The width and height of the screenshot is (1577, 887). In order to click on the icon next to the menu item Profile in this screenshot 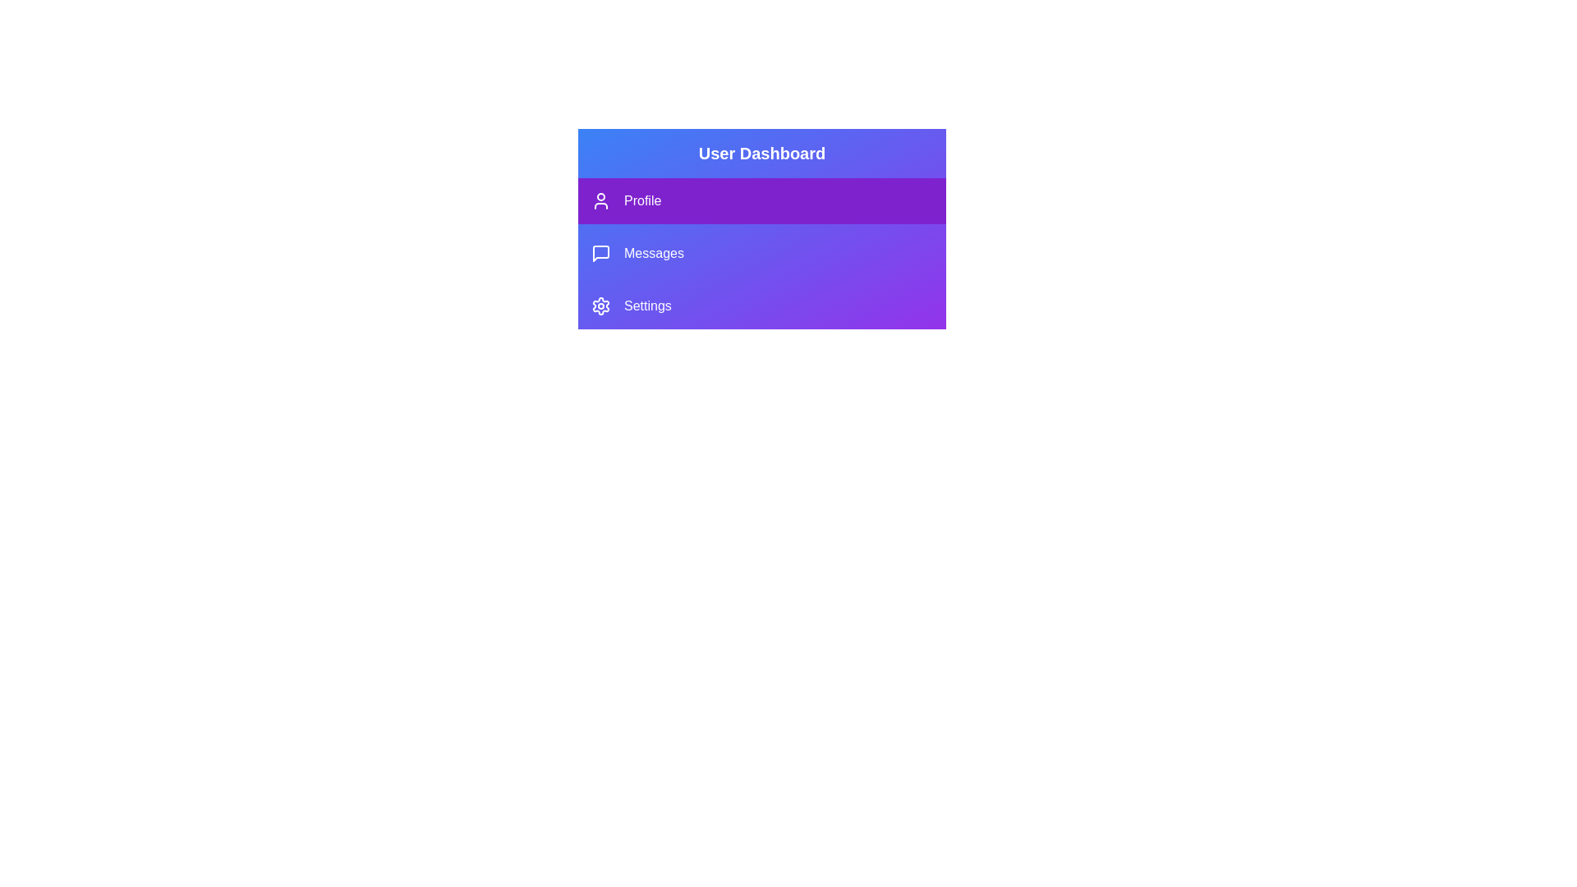, I will do `click(600, 200)`.